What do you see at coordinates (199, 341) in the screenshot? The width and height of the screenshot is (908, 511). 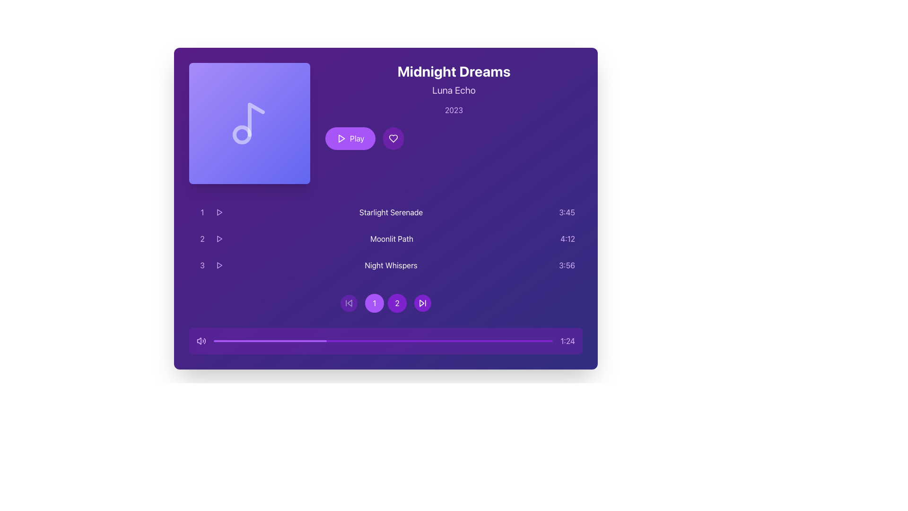 I see `the mute/unmute audio icon button located at the far left of the volume control bar in the music player interface` at bounding box center [199, 341].